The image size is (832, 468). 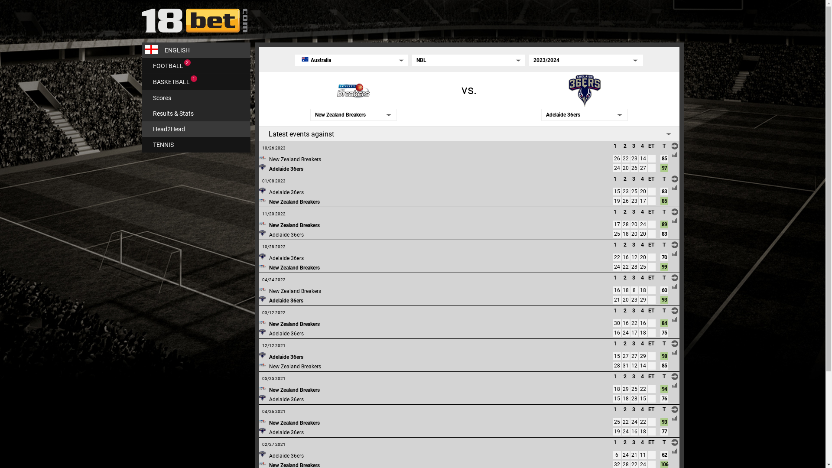 I want to click on 'TENNIS', so click(x=195, y=144).